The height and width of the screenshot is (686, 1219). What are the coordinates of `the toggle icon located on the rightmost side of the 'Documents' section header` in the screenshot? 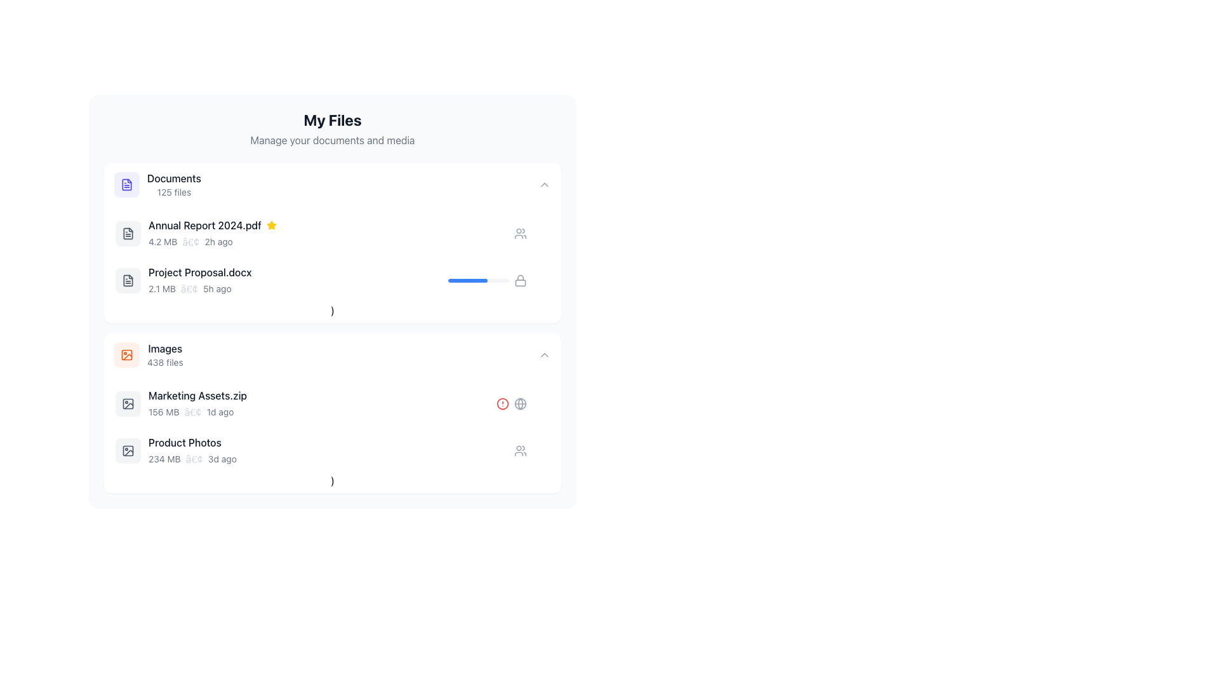 It's located at (545, 184).